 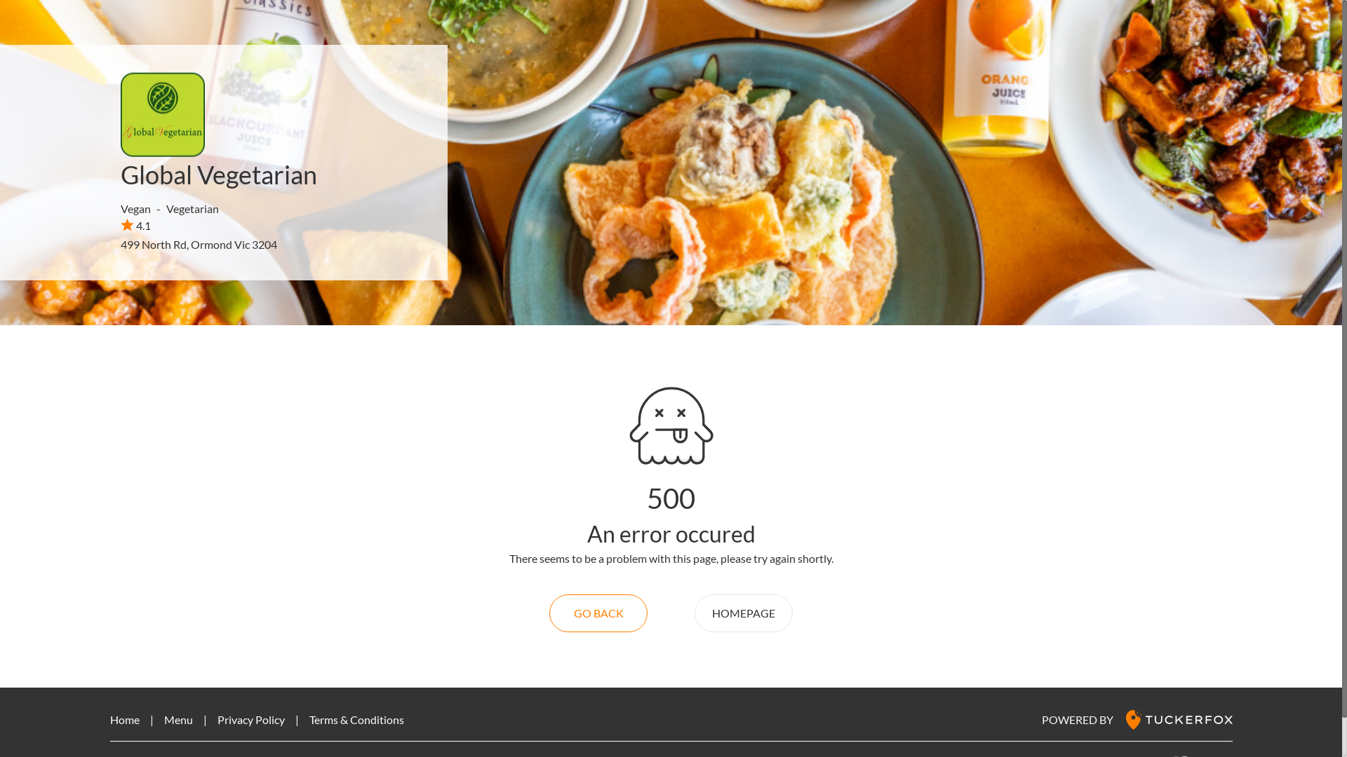 What do you see at coordinates (218, 174) in the screenshot?
I see `'Global Vegetarian'` at bounding box center [218, 174].